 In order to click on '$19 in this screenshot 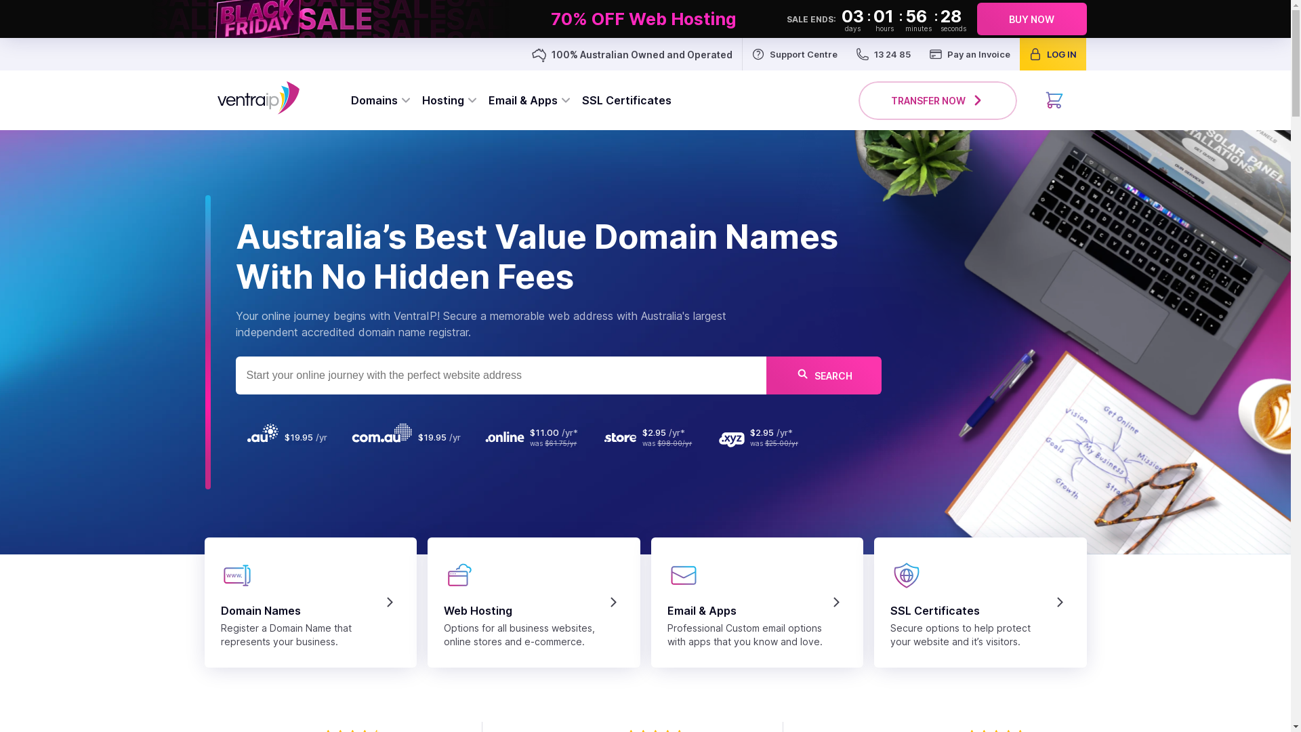, I will do `click(341, 437)`.